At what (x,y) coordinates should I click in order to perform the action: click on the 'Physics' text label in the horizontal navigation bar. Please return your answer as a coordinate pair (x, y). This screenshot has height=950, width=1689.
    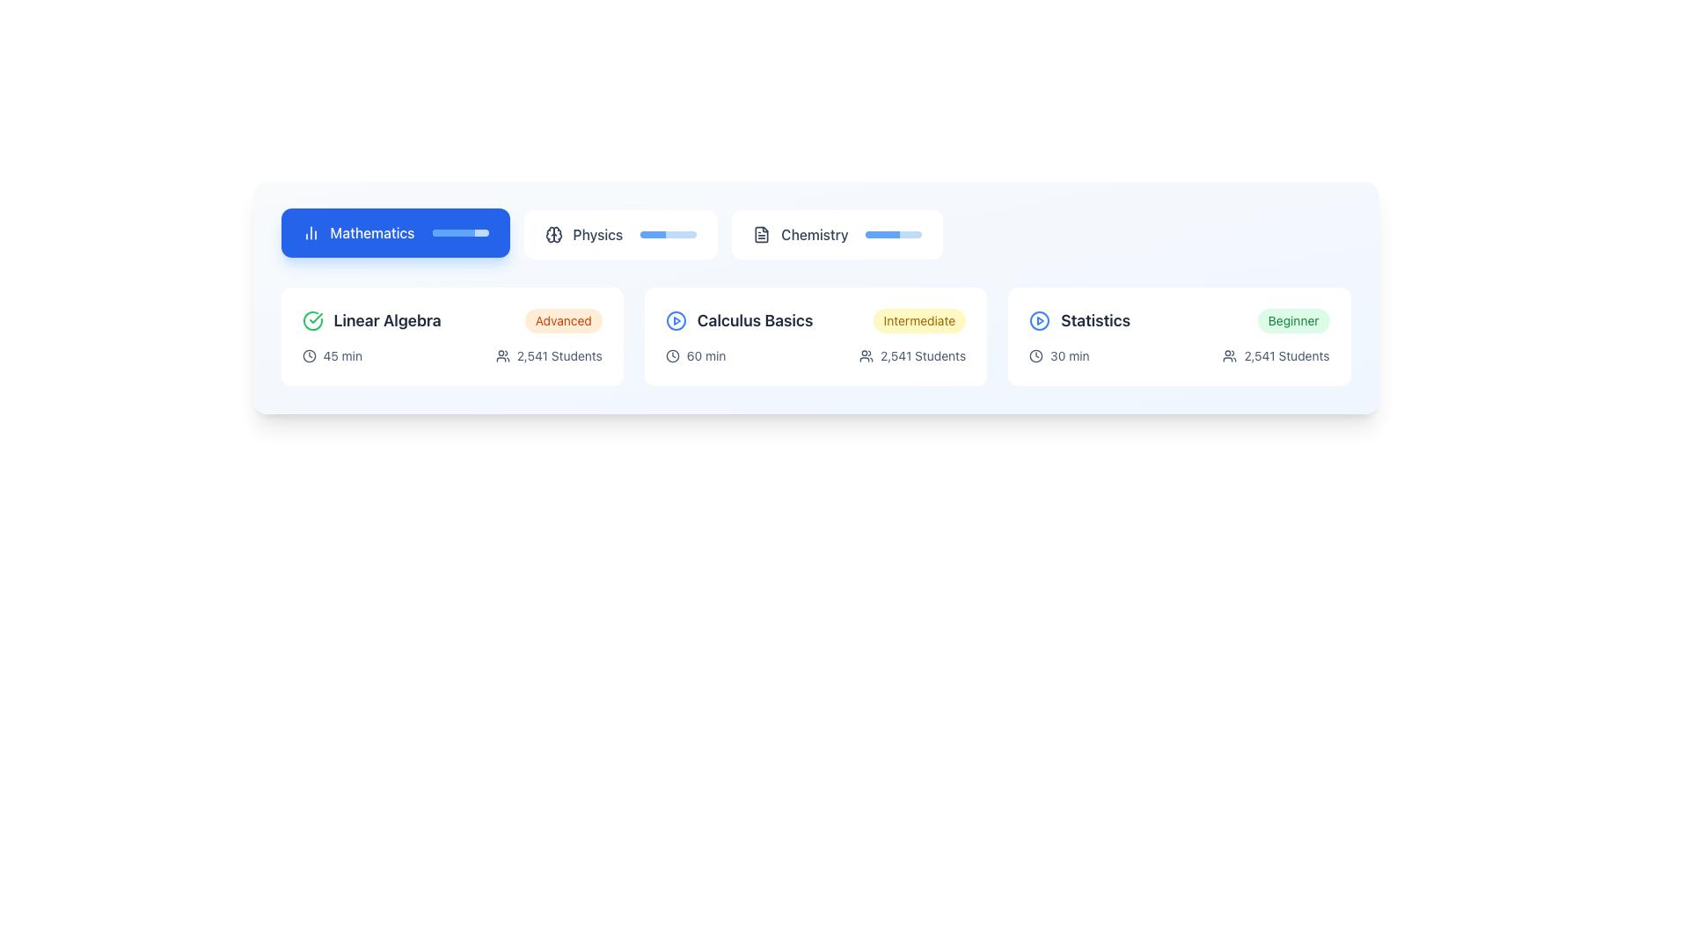
    Looking at the image, I should click on (597, 233).